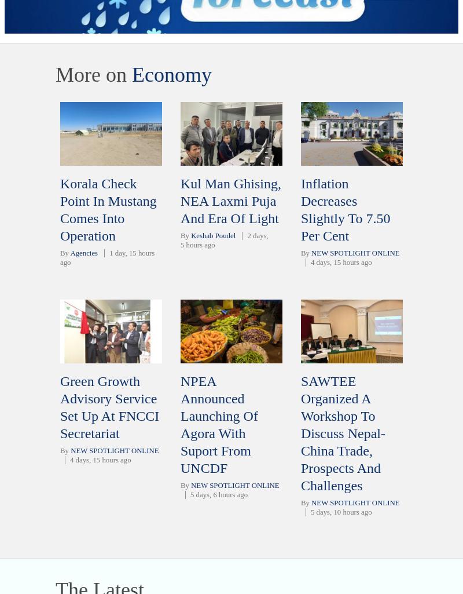 The width and height of the screenshot is (463, 594). I want to click on '5 days, 10 hours ago', so click(340, 512).